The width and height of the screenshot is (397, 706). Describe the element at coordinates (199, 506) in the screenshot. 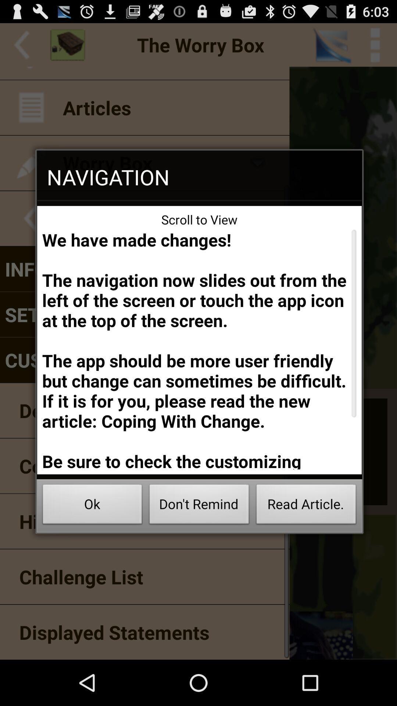

I see `icon next to read article. icon` at that location.